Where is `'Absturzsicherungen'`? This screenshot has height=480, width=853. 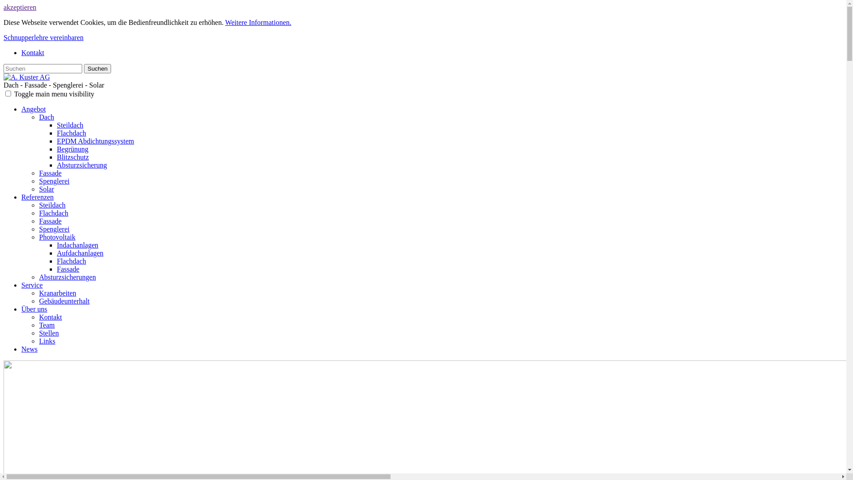
'Absturzsicherungen' is located at coordinates (67, 276).